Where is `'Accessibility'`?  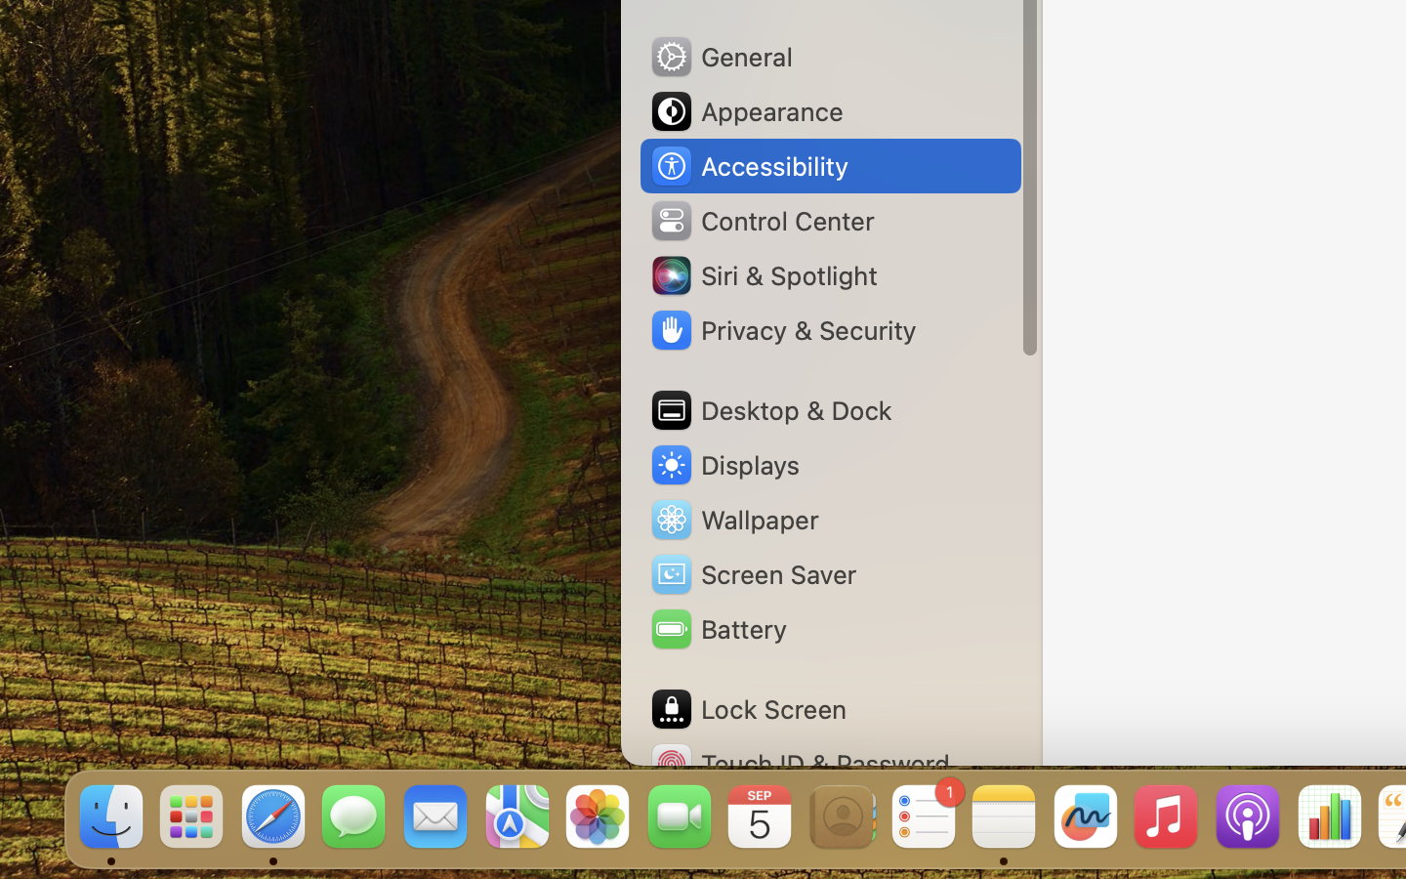
'Accessibility' is located at coordinates (747, 166).